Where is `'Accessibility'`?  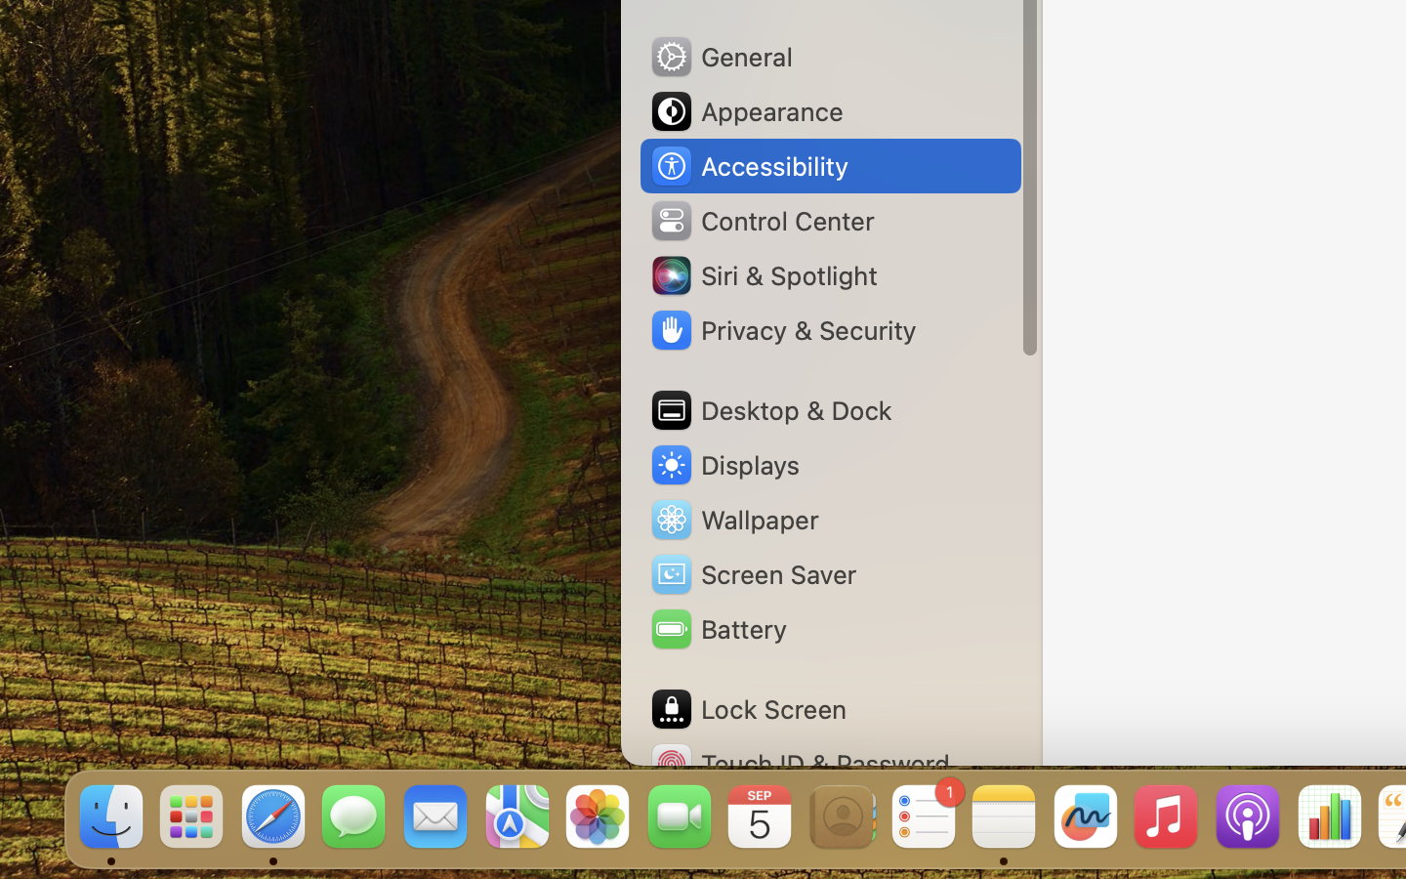
'Accessibility' is located at coordinates (747, 166).